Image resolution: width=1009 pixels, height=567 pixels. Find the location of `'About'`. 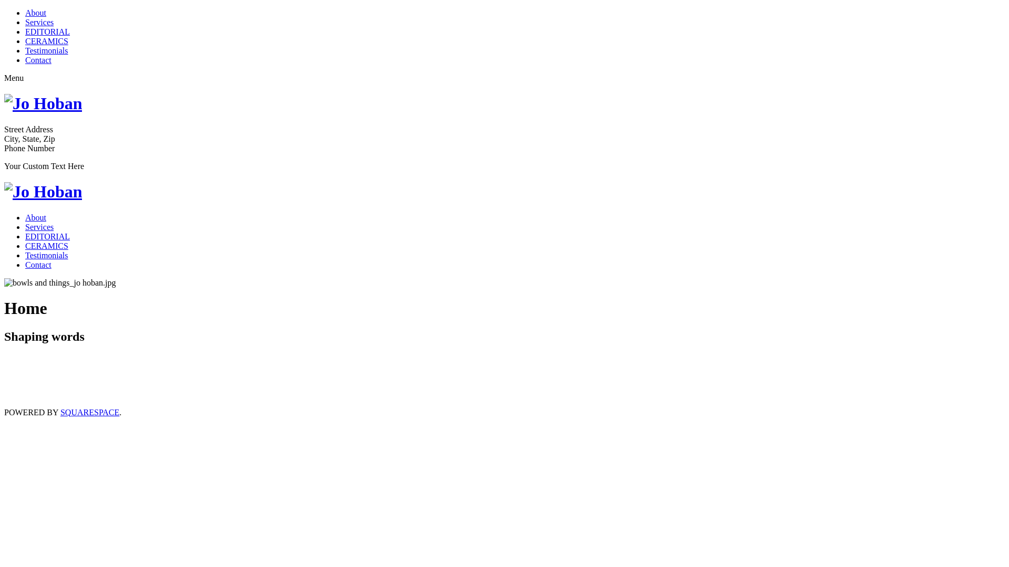

'About' is located at coordinates (35, 13).